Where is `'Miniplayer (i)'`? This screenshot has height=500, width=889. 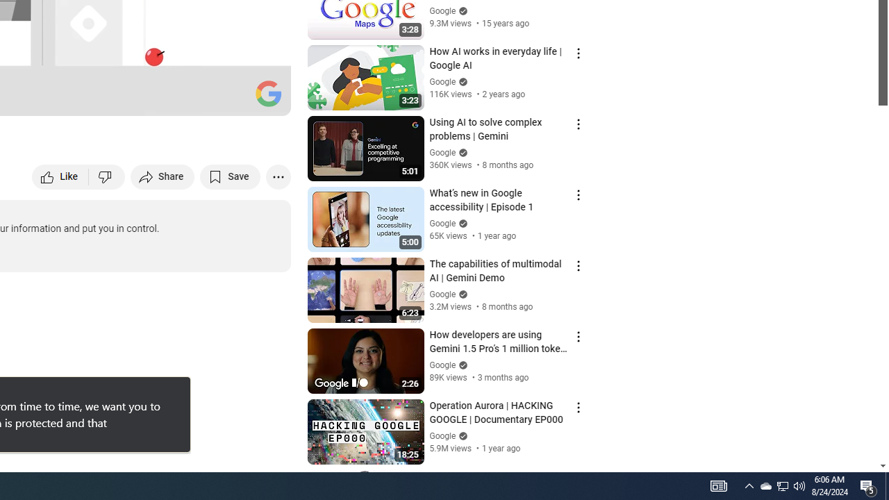
'Miniplayer (i)' is located at coordinates (198, 98).